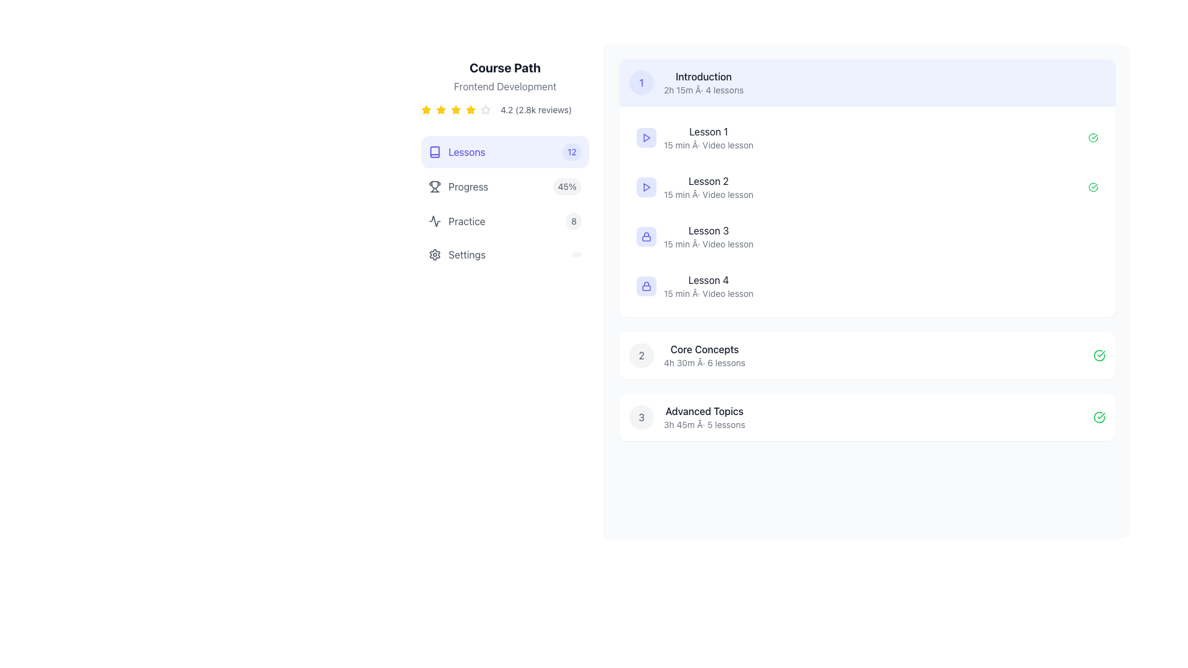  I want to click on the 'Lesson 2' list item, which includes a blue outlined play icon and the title in bold black text, so click(695, 187).